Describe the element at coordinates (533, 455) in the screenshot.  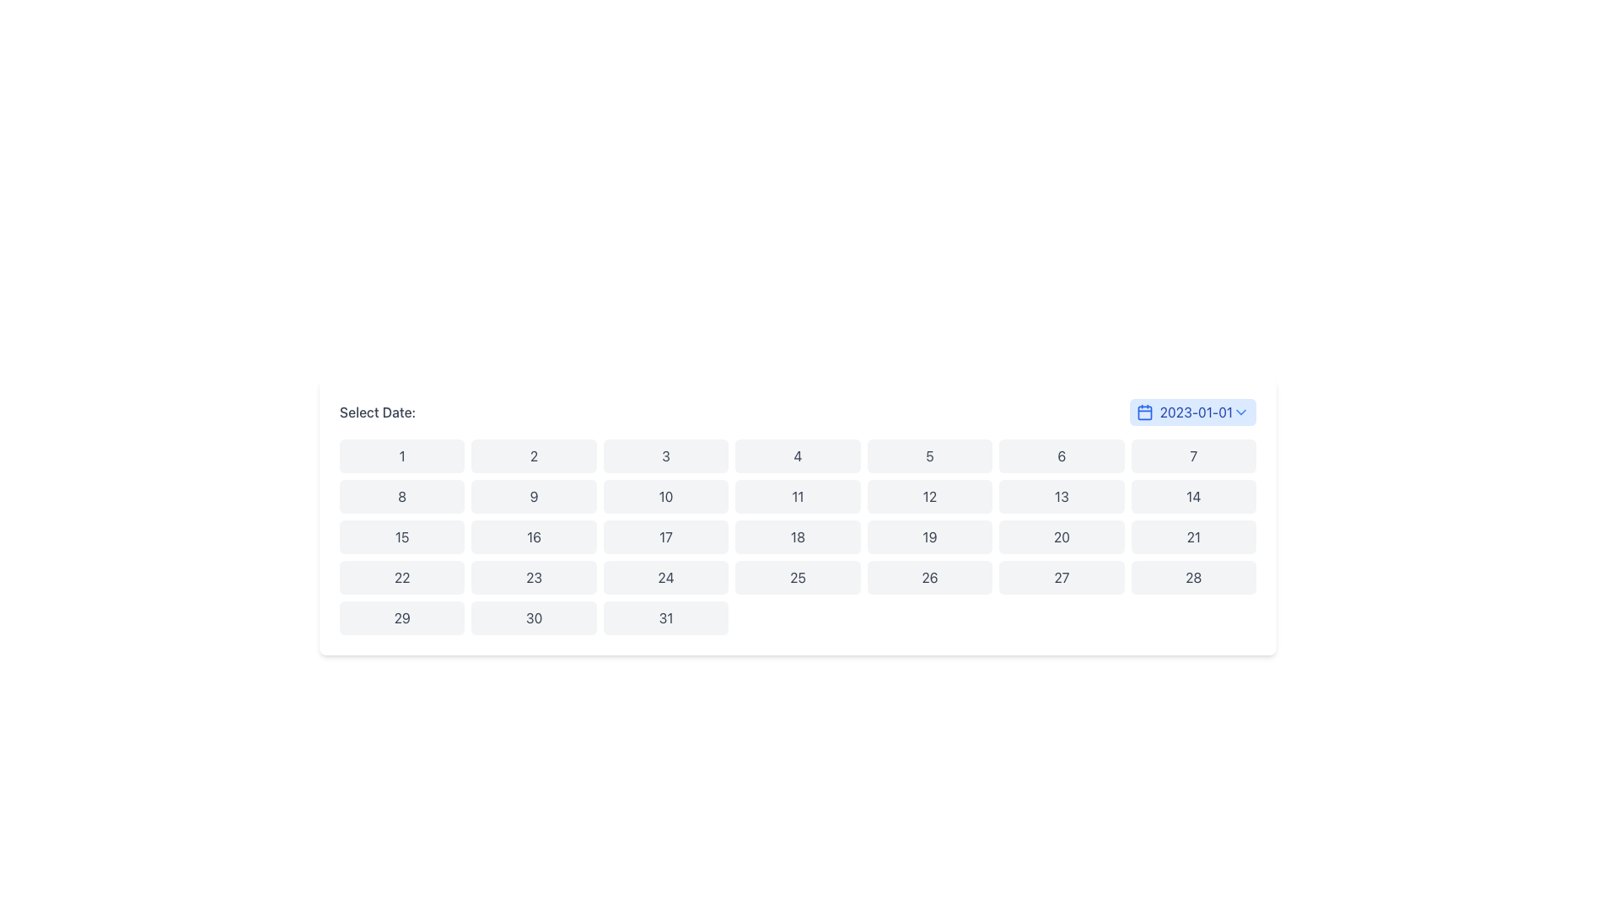
I see `the button labeled '2' in the grid calendar interface to trigger hover effects` at that location.